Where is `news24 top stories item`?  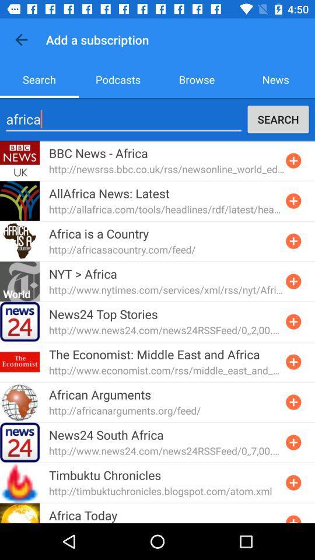 news24 top stories item is located at coordinates (103, 313).